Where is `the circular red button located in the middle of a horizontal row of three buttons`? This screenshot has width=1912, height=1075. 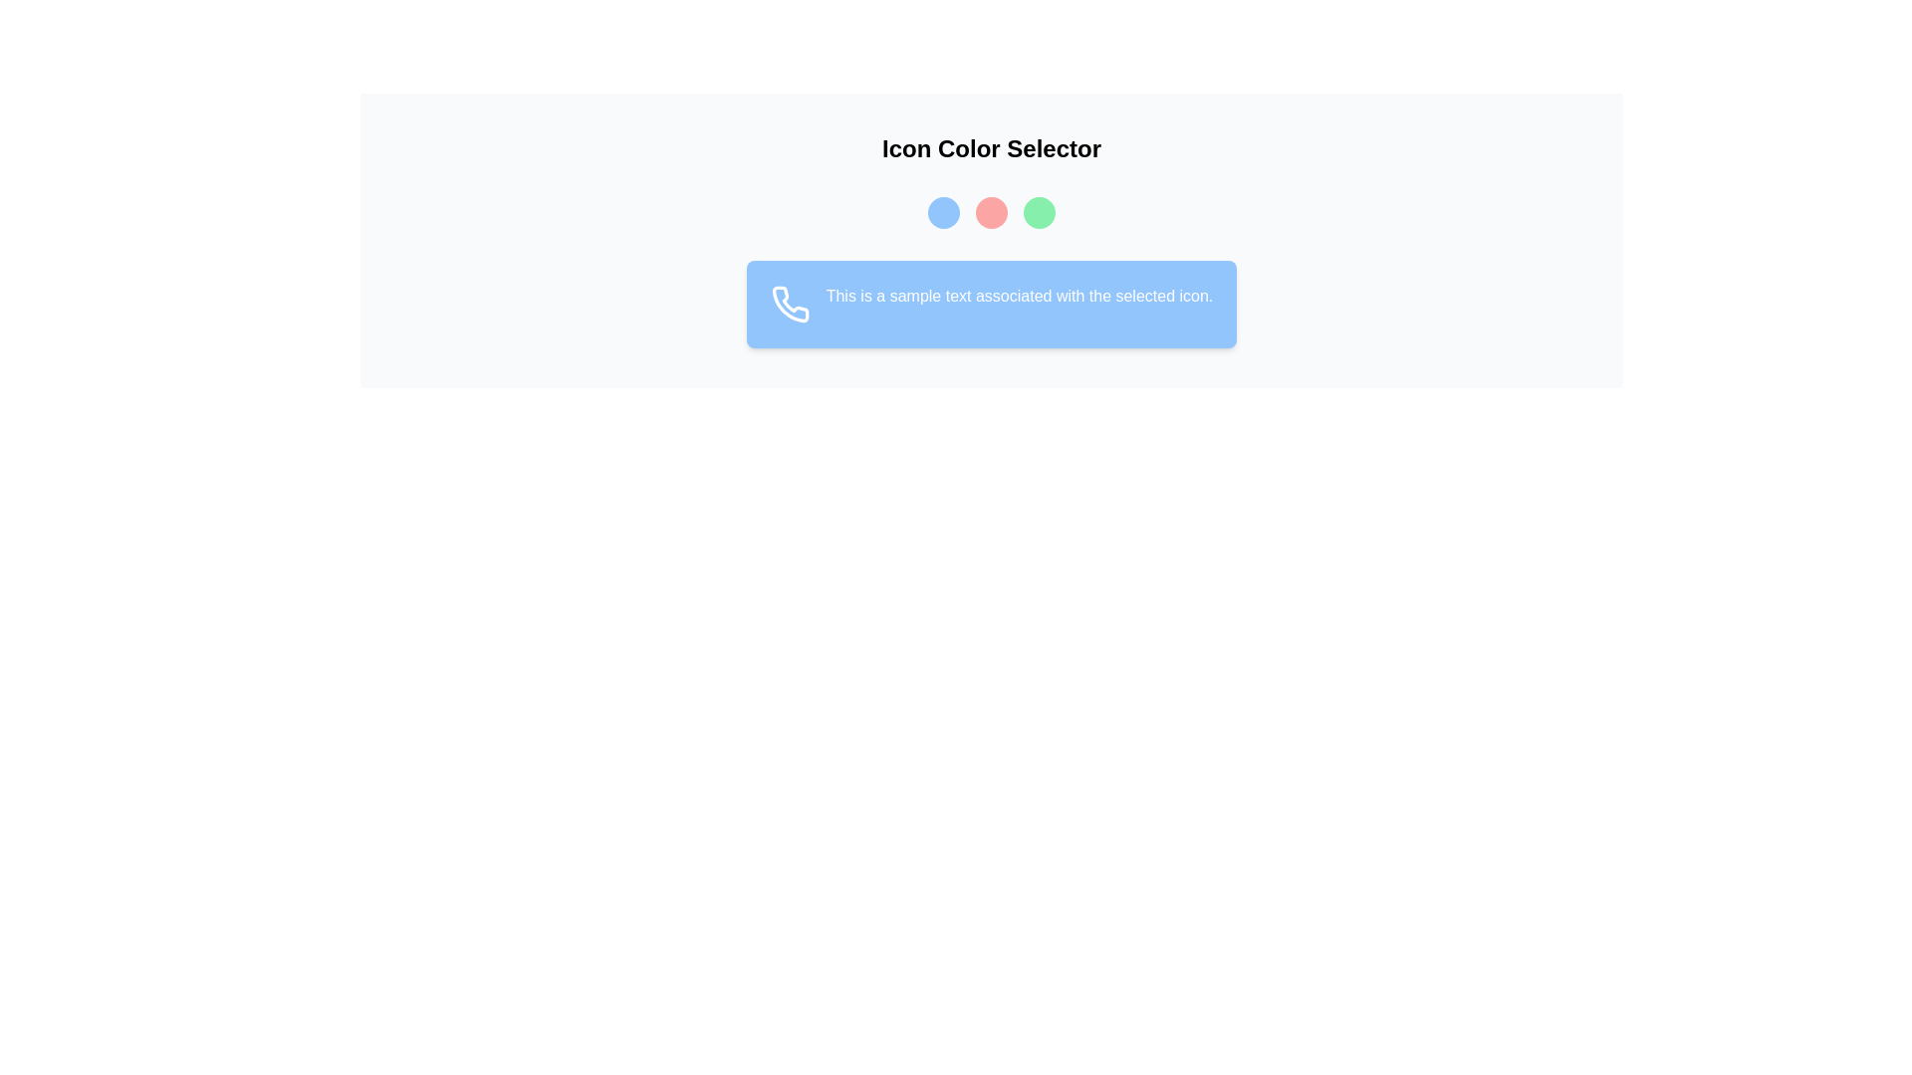
the circular red button located in the middle of a horizontal row of three buttons is located at coordinates (992, 212).